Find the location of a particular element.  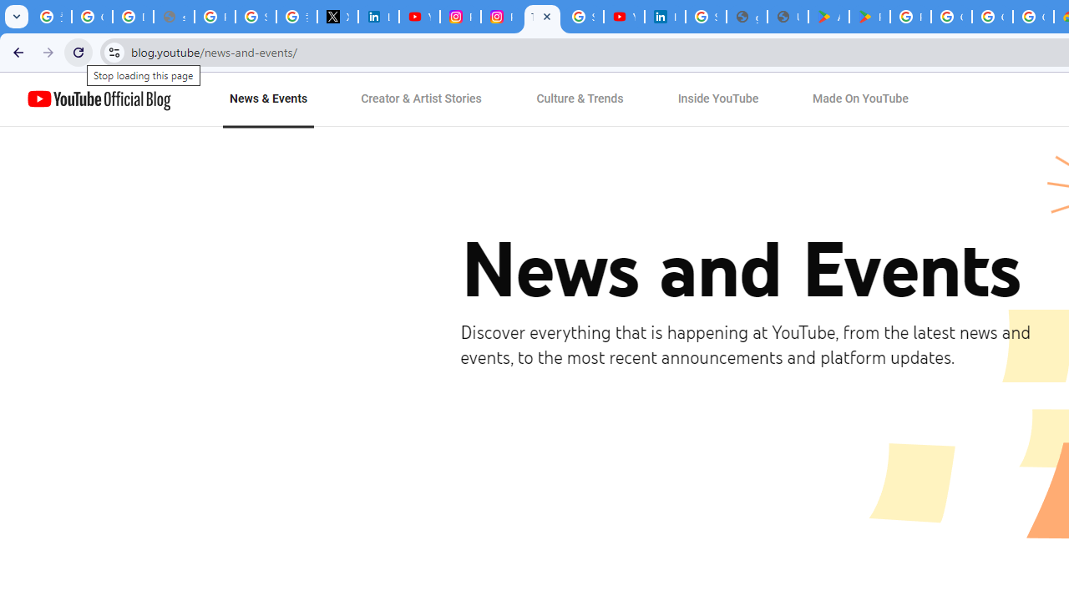

'Google Workspace - Specific Terms' is located at coordinates (992, 17).